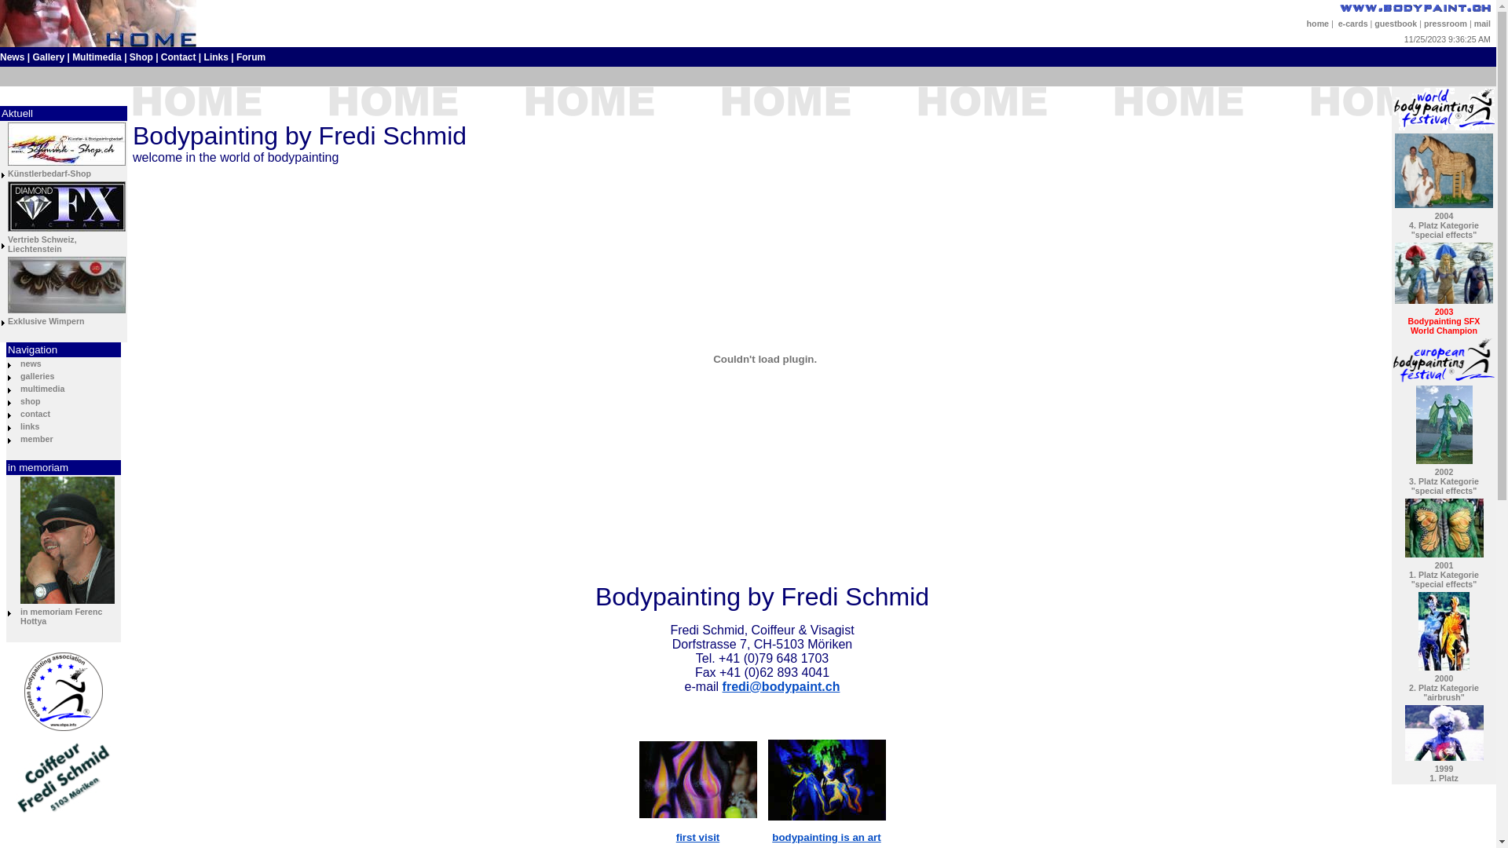 This screenshot has width=1508, height=848. I want to click on 'member', so click(36, 439).